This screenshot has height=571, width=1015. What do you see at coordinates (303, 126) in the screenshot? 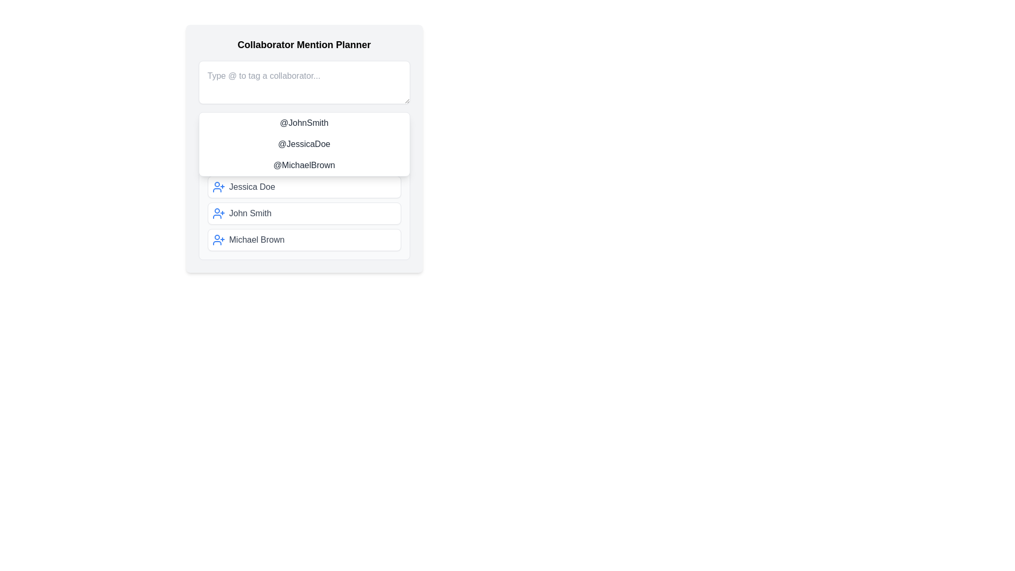
I see `the green button labeled 'Toggle Dropdown' for keyboard navigation` at bounding box center [303, 126].